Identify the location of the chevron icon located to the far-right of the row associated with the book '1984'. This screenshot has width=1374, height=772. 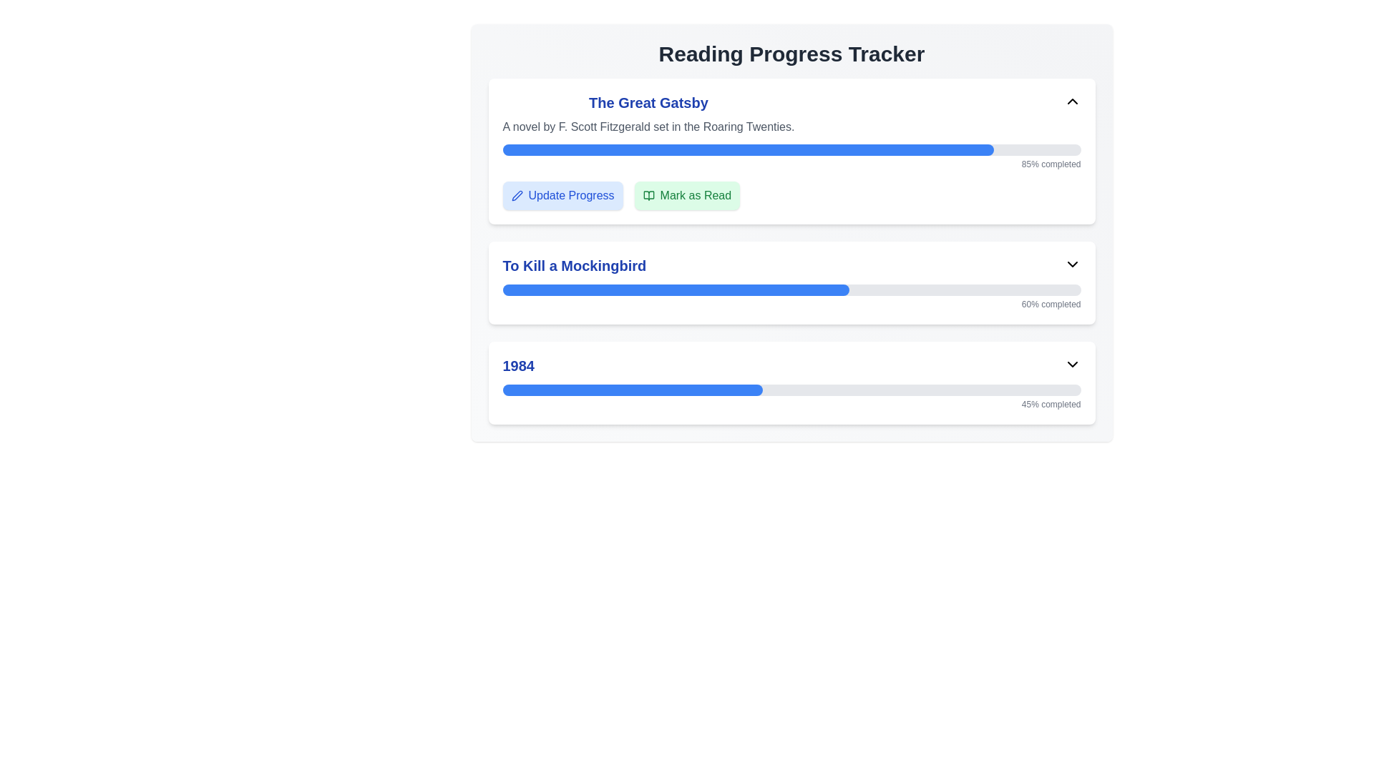
(1072, 363).